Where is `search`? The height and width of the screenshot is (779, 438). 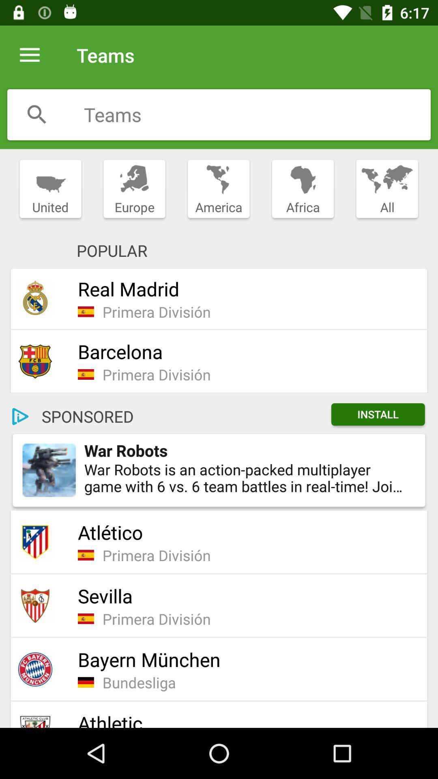
search is located at coordinates (37, 114).